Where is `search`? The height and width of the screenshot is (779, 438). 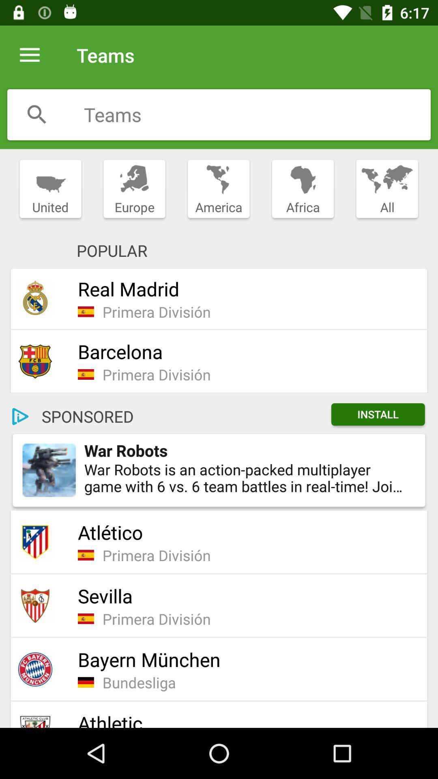
search is located at coordinates (37, 114).